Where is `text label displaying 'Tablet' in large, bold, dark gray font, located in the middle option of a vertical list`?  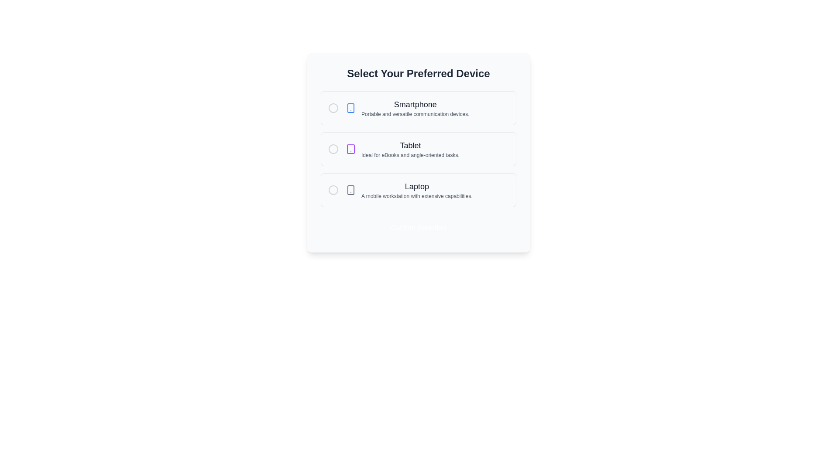
text label displaying 'Tablet' in large, bold, dark gray font, located in the middle option of a vertical list is located at coordinates (410, 145).